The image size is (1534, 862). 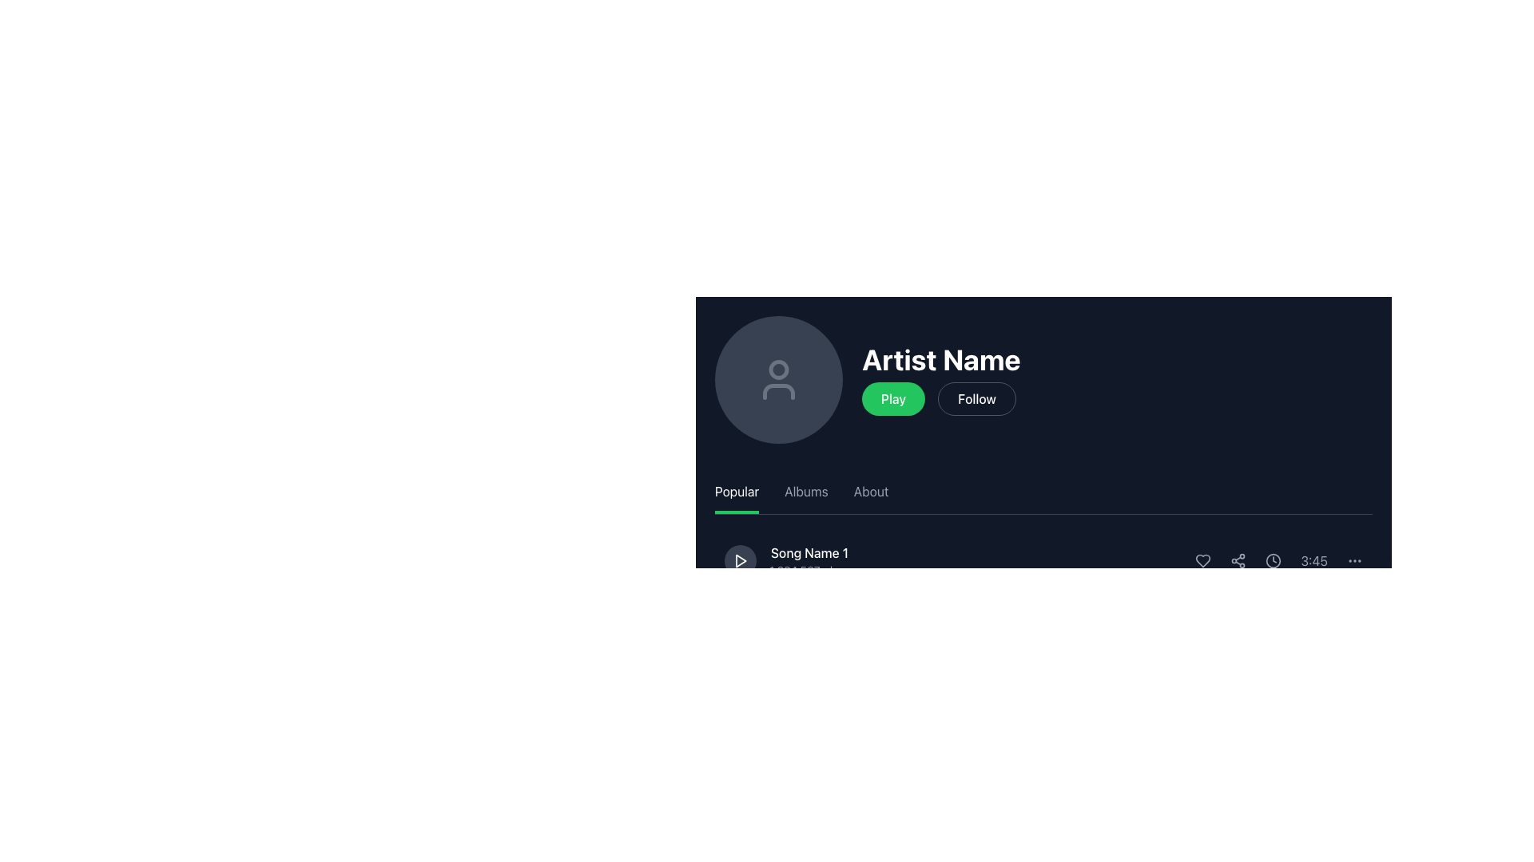 I want to click on the third navigation link in the horizontal menu, so click(x=870, y=491).